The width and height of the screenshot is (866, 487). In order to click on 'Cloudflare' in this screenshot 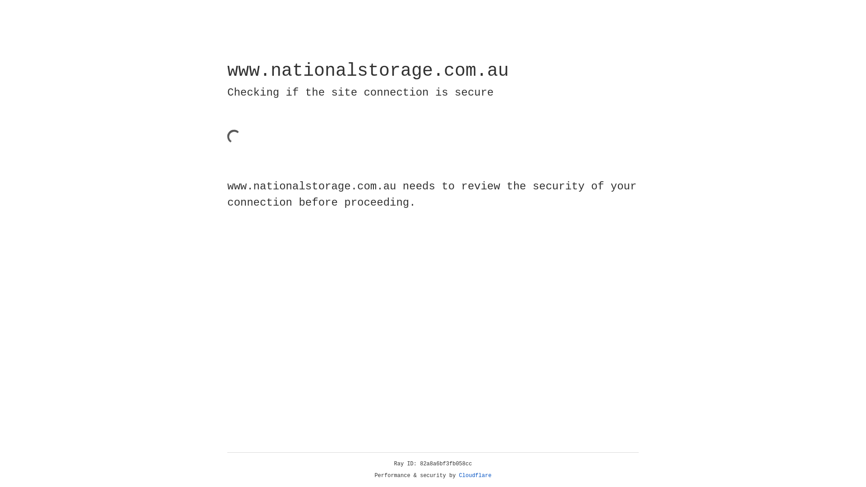, I will do `click(459, 475)`.